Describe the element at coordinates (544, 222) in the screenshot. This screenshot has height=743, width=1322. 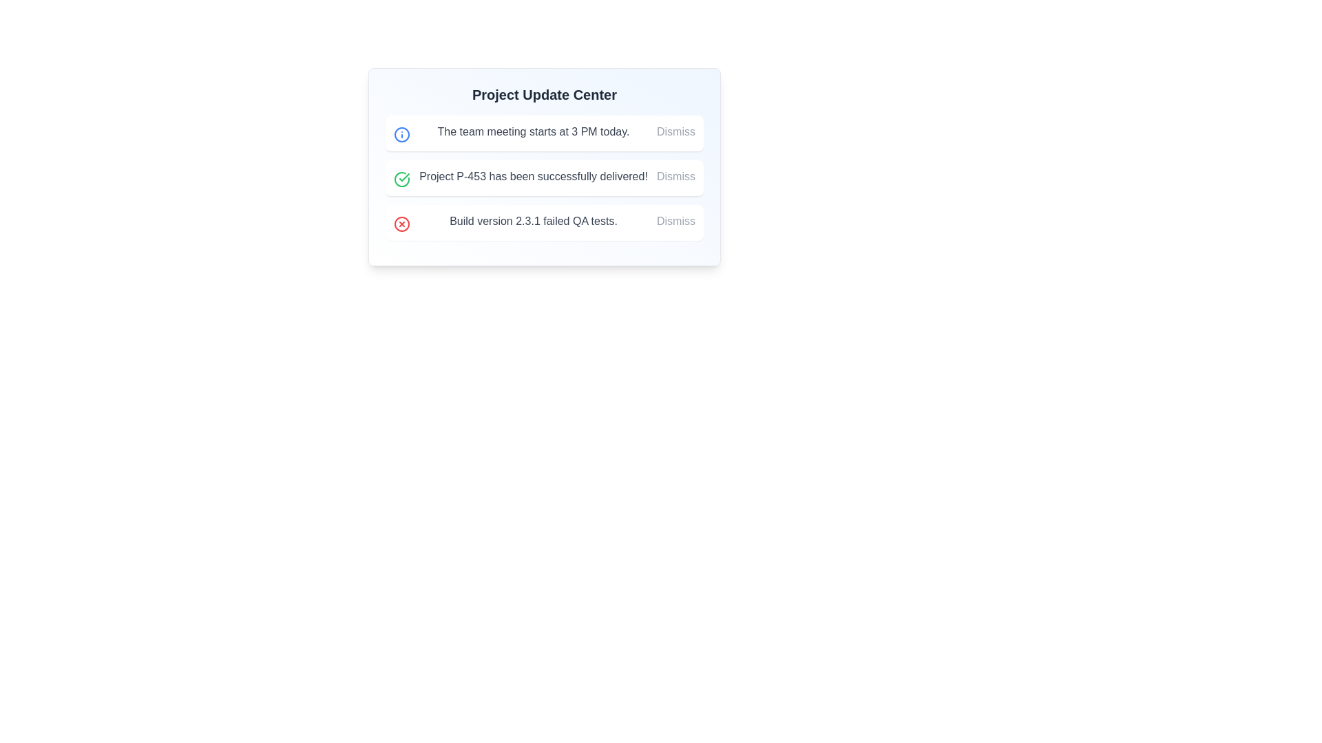
I see `the third notification in the 'Project Update Center' that indicates the failure of software build version 2.3.1` at that location.